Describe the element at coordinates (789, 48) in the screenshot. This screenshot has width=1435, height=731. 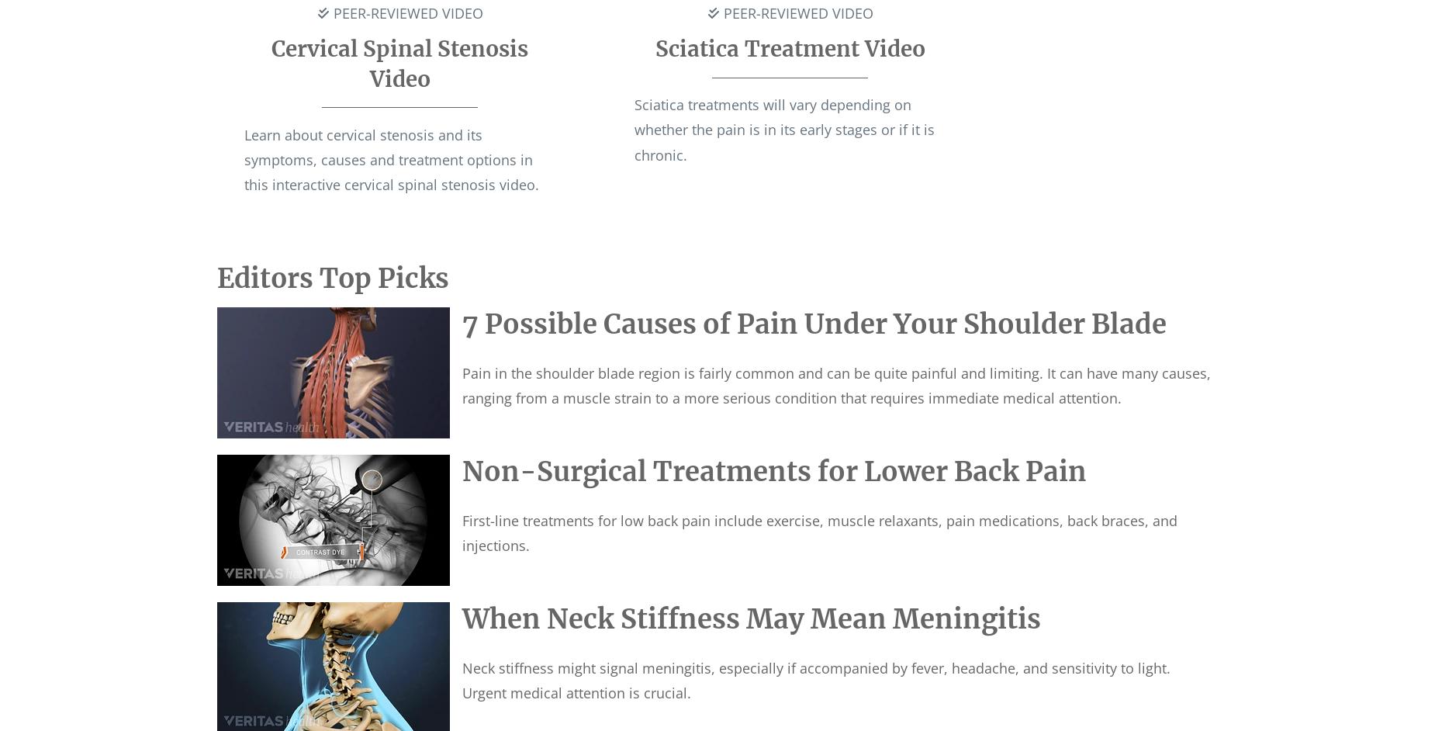
I see `'Sciatica Treatment Video'` at that location.